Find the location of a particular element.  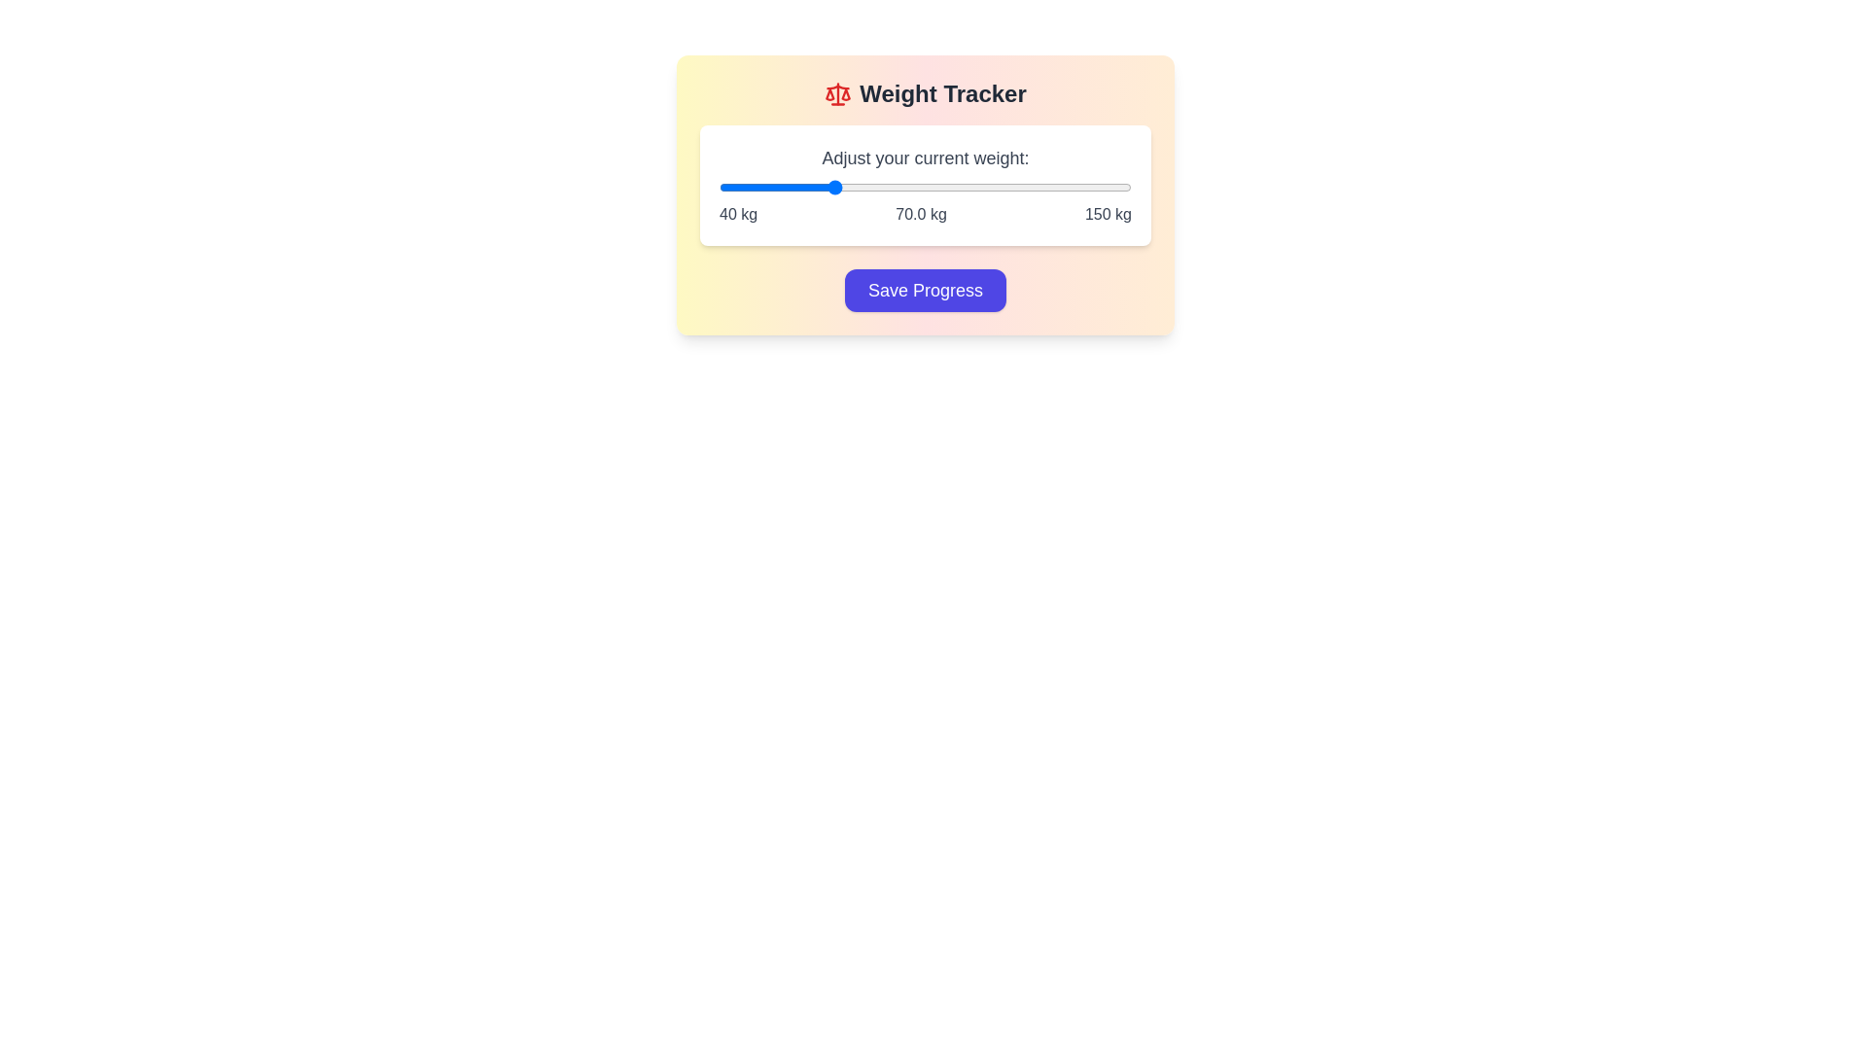

the weight slider to 119 kg is located at coordinates (1014, 187).